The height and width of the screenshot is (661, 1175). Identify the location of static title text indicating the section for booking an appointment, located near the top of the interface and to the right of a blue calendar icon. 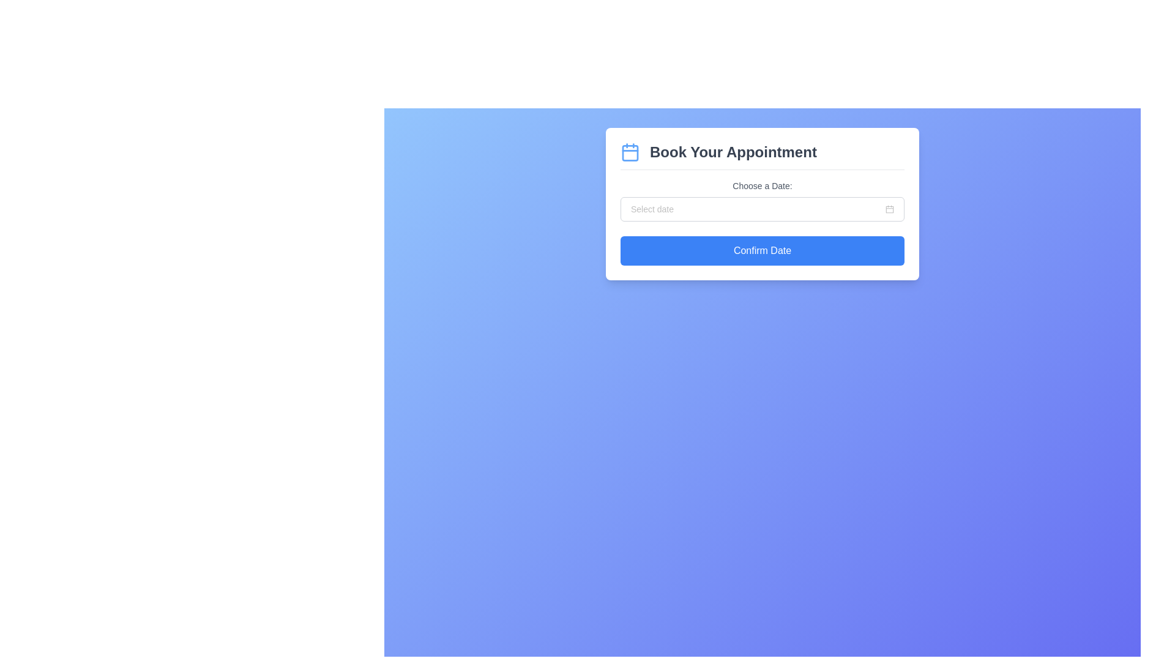
(733, 152).